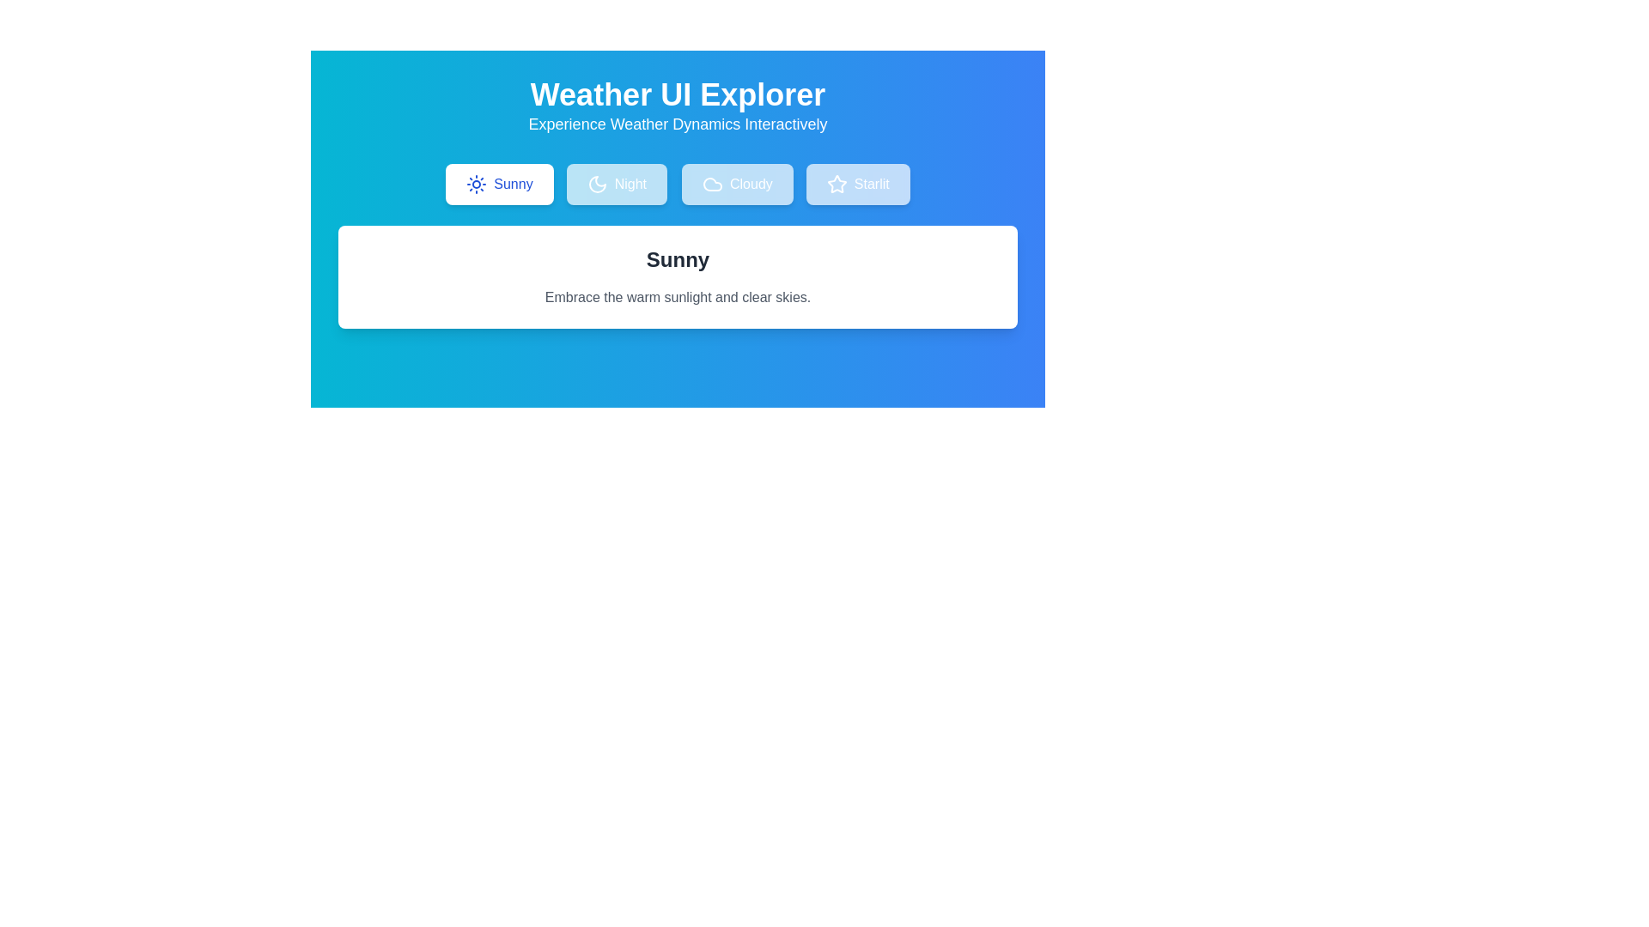 This screenshot has height=927, width=1649. What do you see at coordinates (497, 185) in the screenshot?
I see `the Sunny weather tab` at bounding box center [497, 185].